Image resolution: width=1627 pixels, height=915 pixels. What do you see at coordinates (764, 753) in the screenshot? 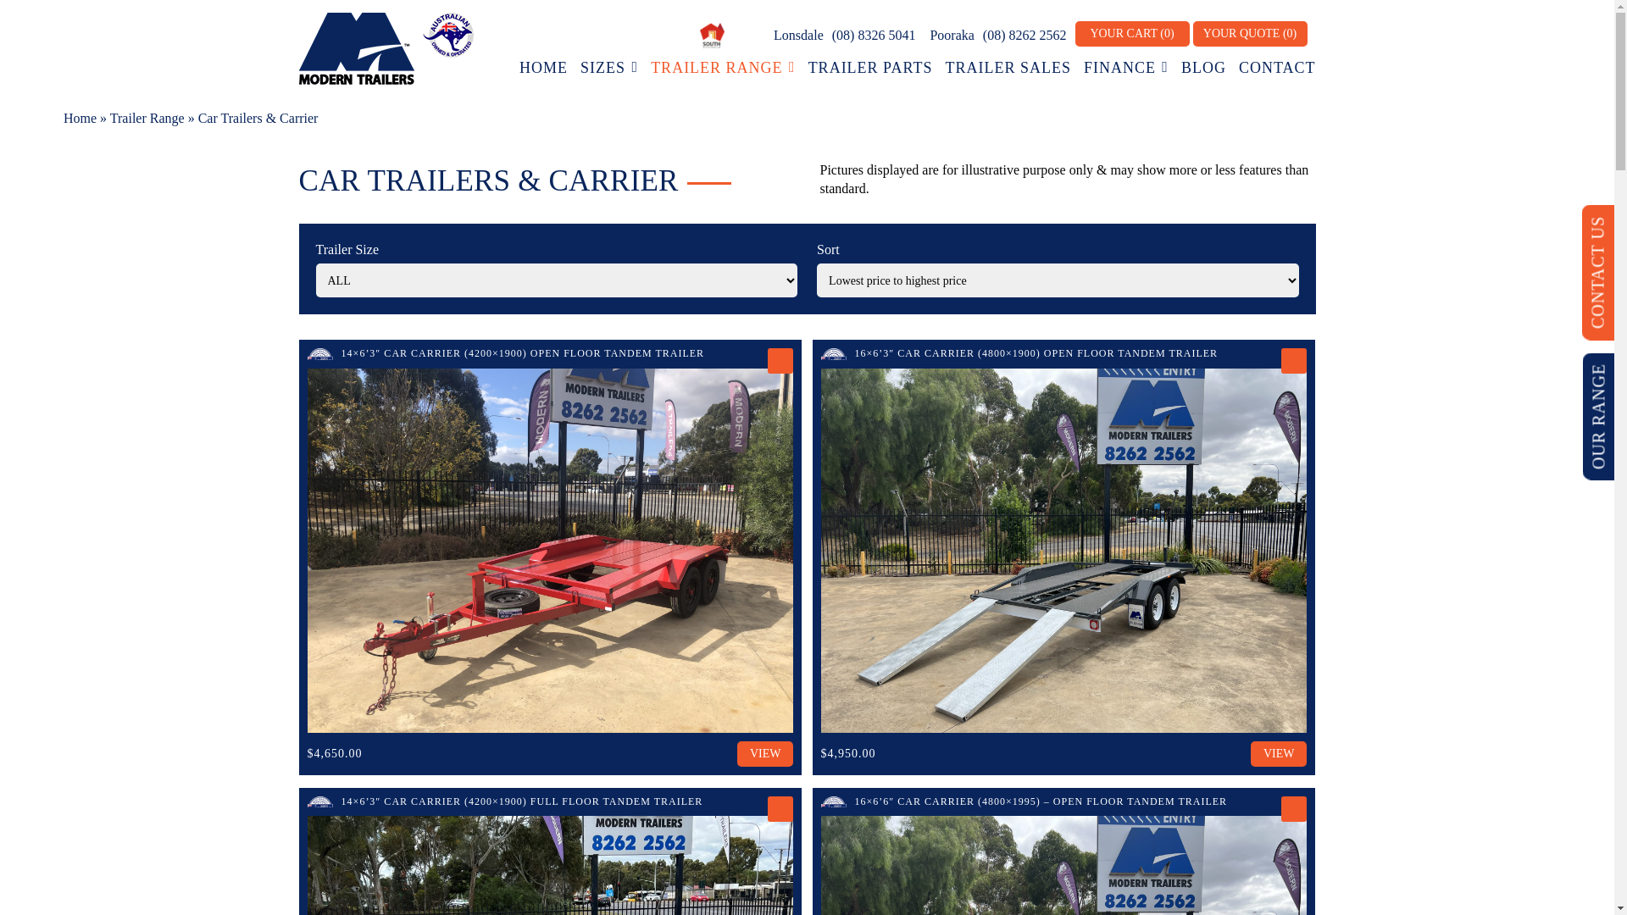
I see `'VIEW'` at bounding box center [764, 753].